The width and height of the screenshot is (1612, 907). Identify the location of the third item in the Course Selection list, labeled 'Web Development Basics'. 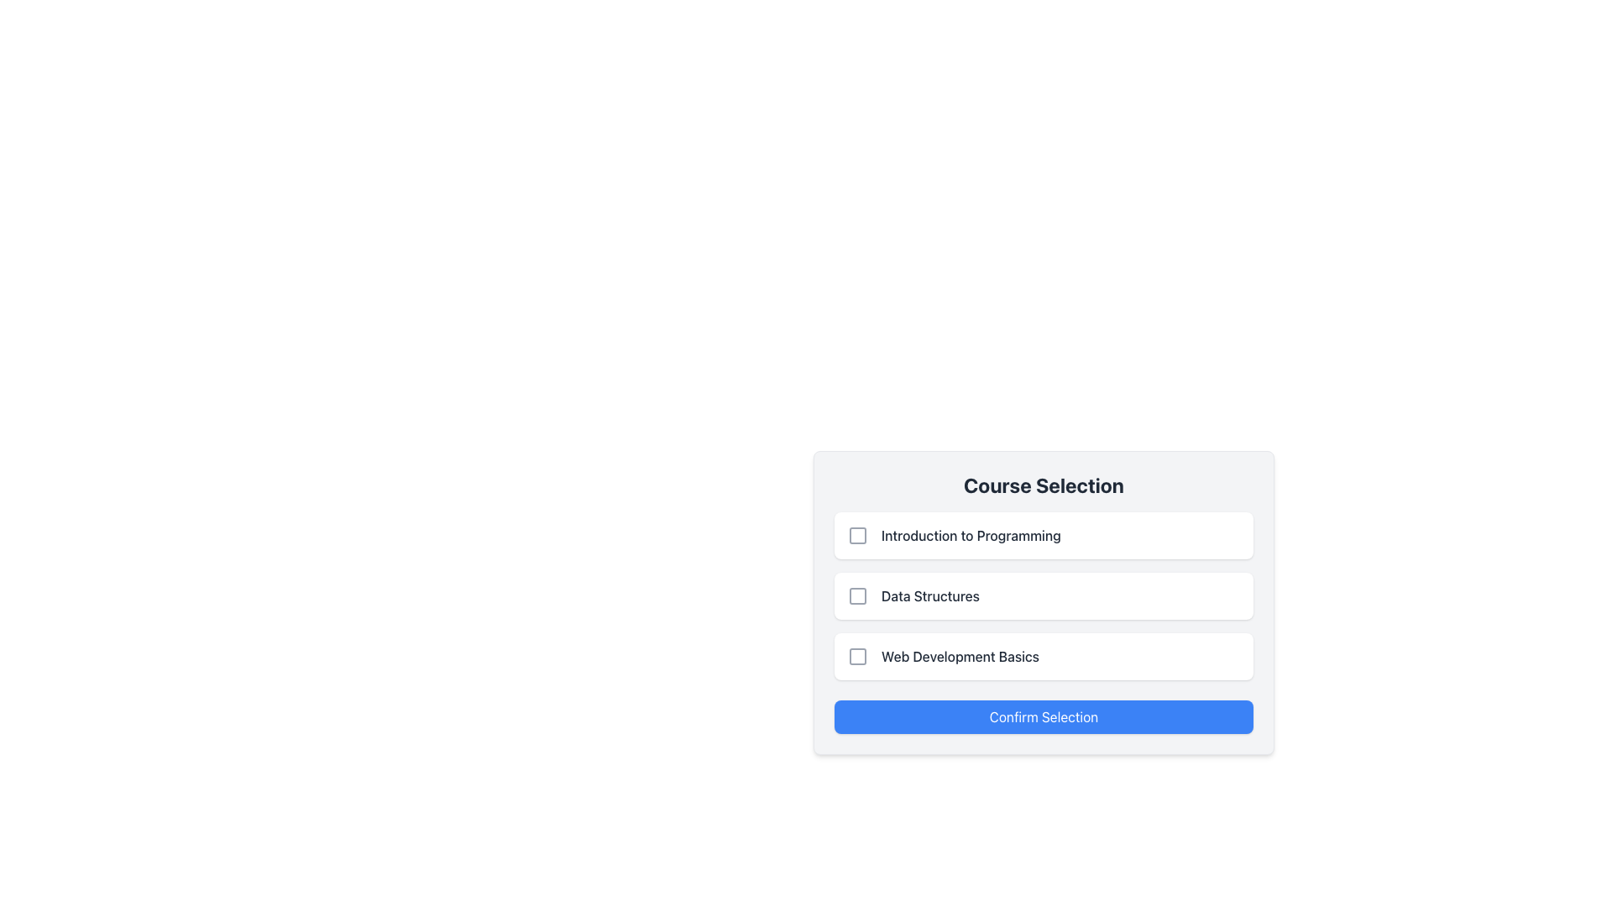
(1043, 656).